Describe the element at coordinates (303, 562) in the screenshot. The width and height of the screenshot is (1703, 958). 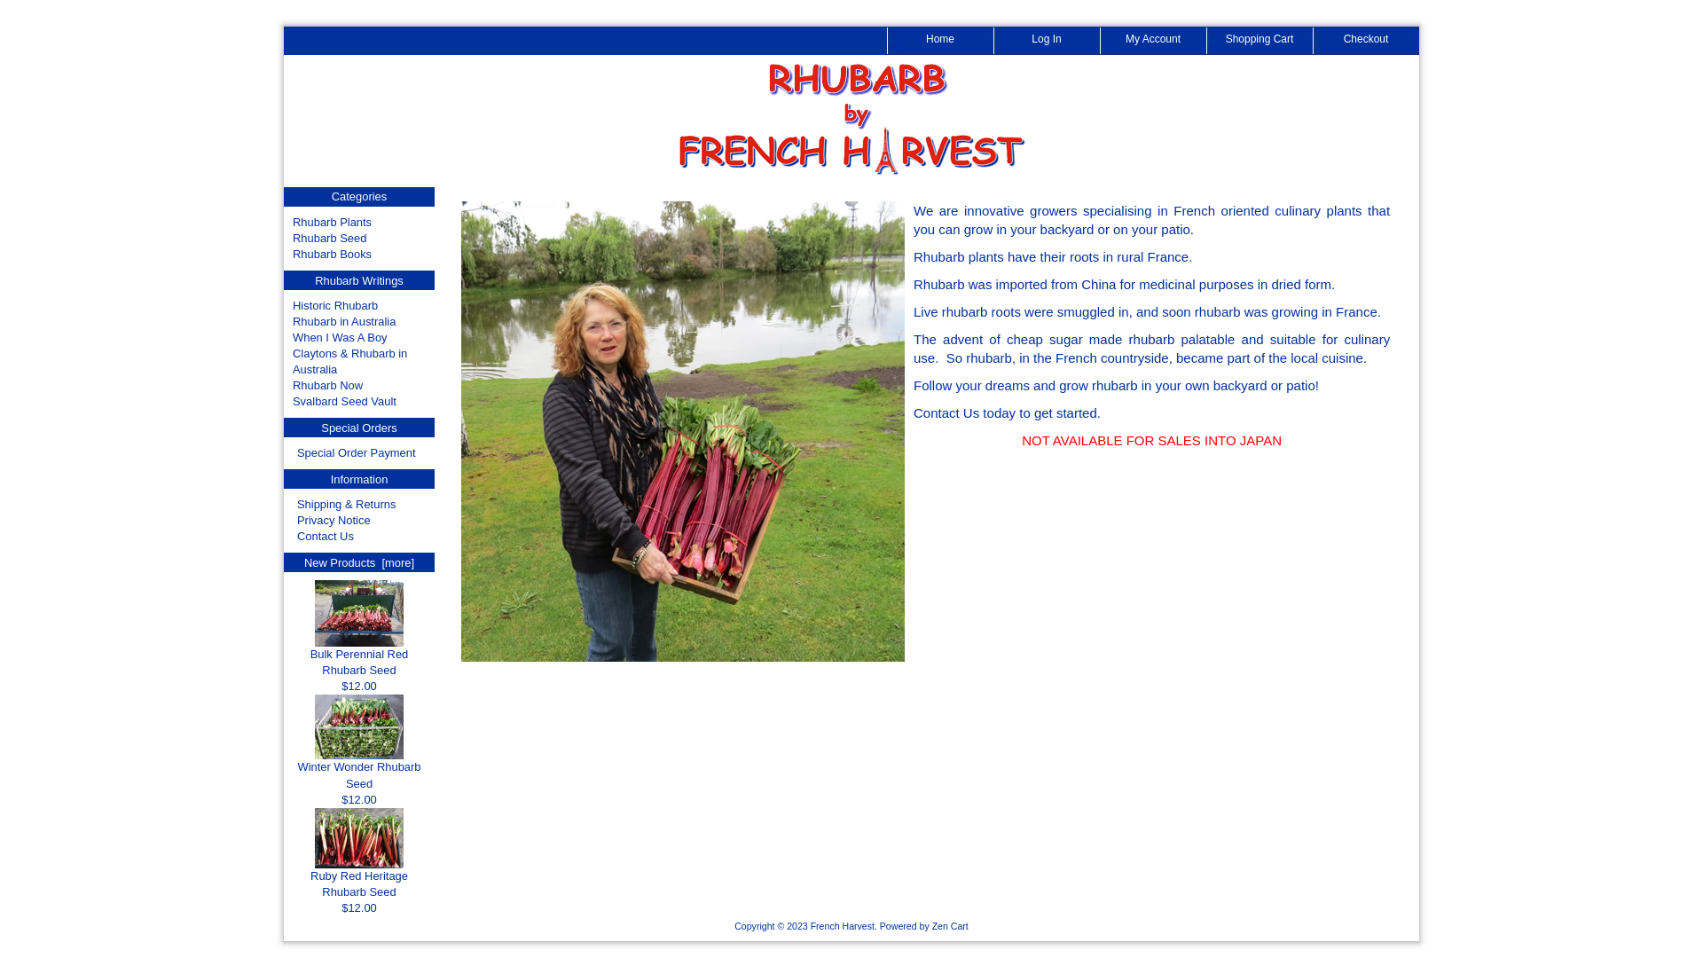
I see `'New Products  [more]'` at that location.